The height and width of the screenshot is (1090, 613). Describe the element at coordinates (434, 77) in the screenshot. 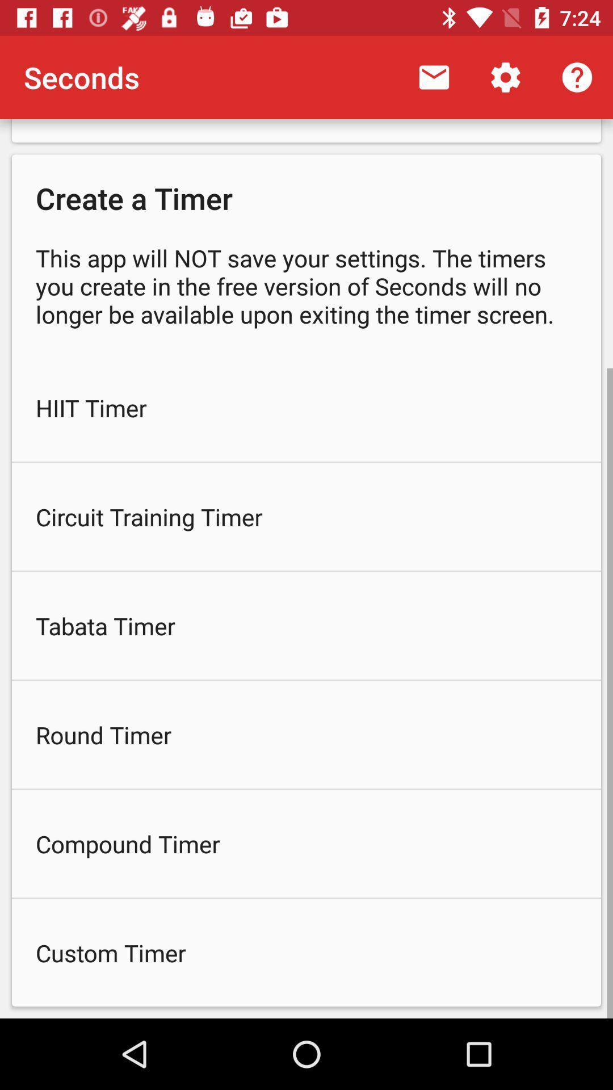

I see `icon next to seconds app` at that location.